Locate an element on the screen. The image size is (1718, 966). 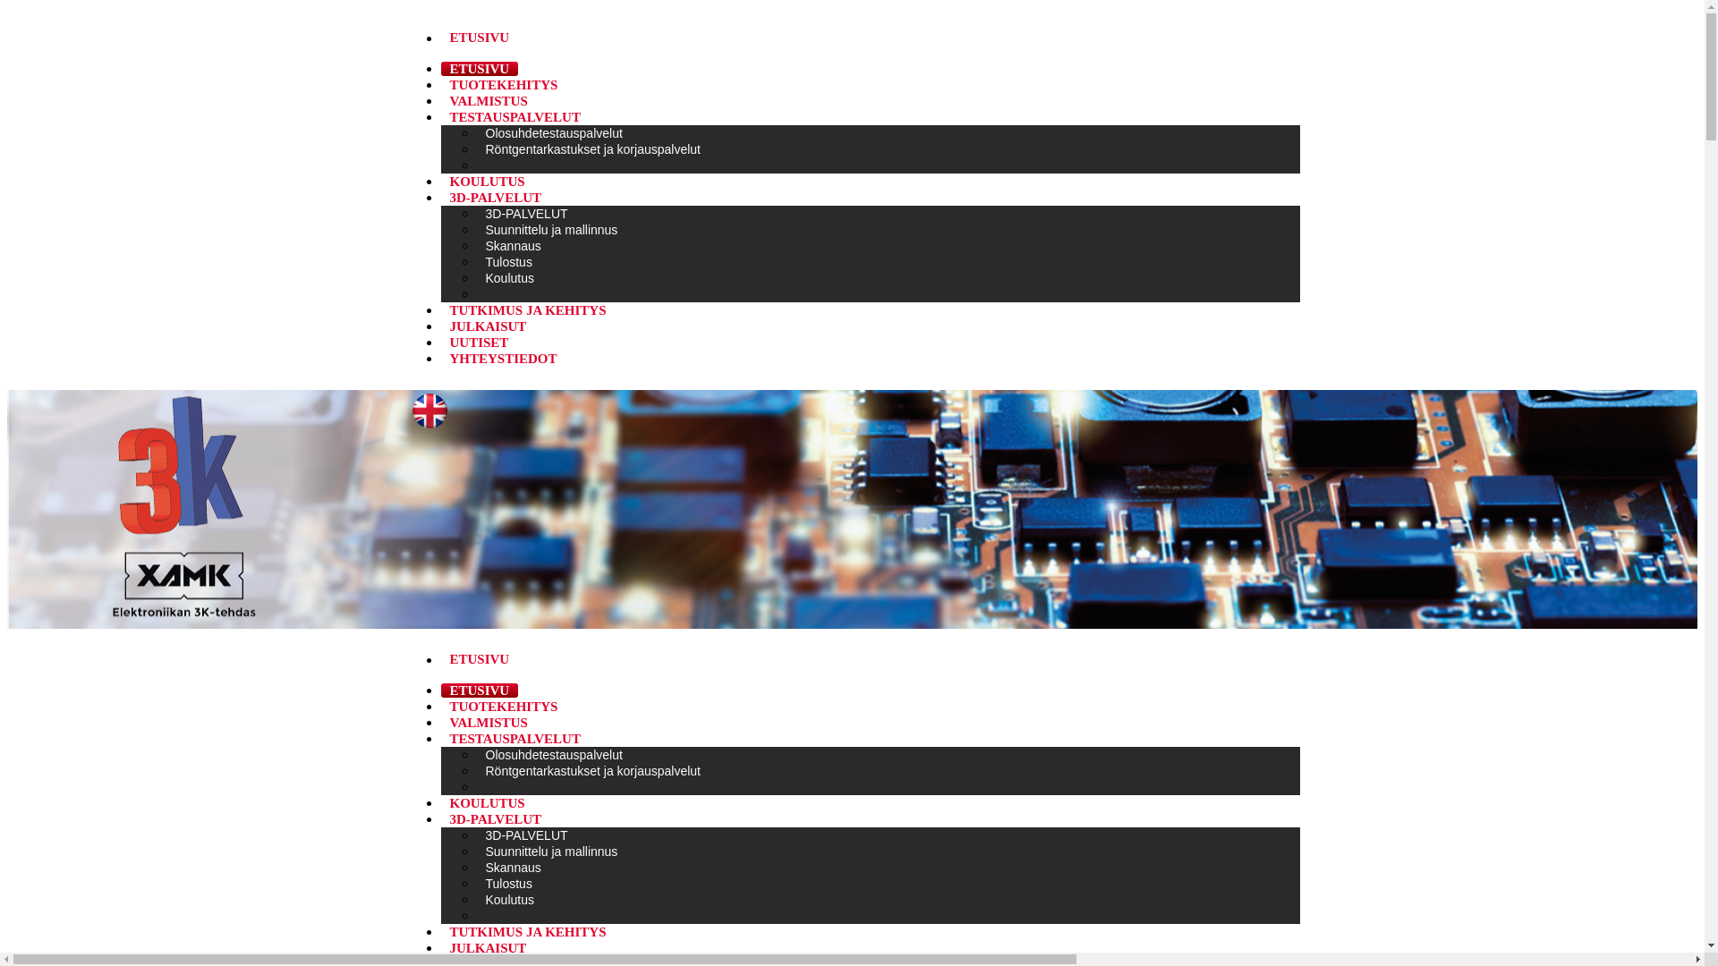
'ETUSIVU ' is located at coordinates (481, 658).